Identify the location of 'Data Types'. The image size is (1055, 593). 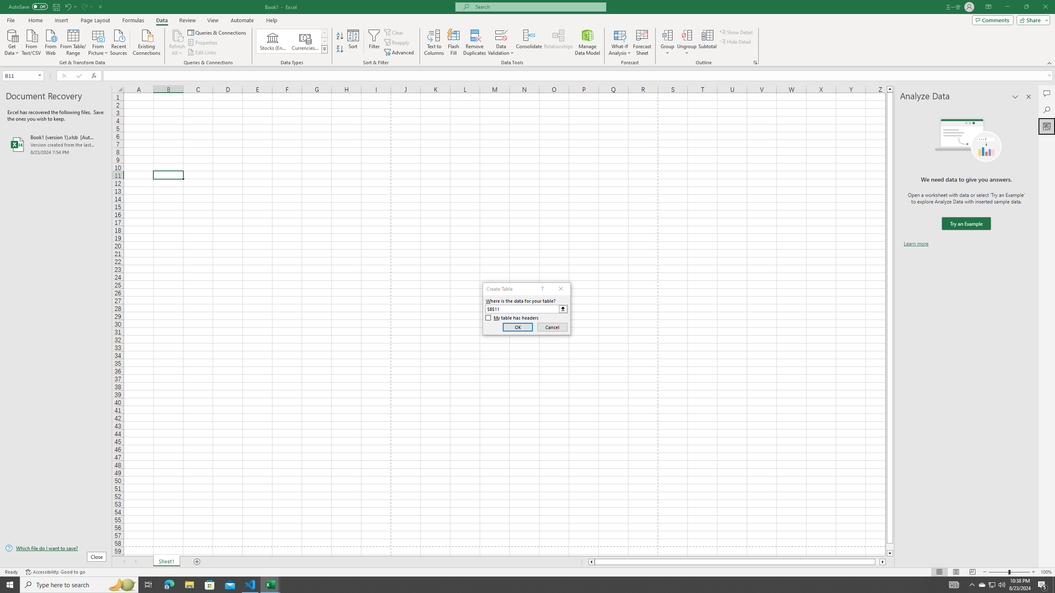
(324, 49).